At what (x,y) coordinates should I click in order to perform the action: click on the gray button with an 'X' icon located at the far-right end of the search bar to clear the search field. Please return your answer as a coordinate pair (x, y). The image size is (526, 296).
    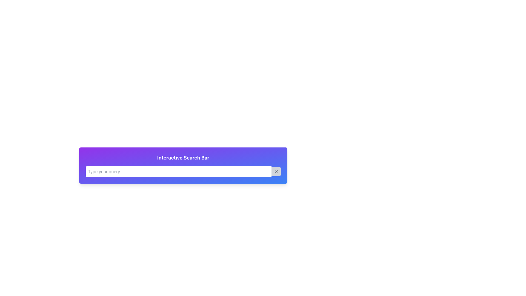
    Looking at the image, I should click on (276, 171).